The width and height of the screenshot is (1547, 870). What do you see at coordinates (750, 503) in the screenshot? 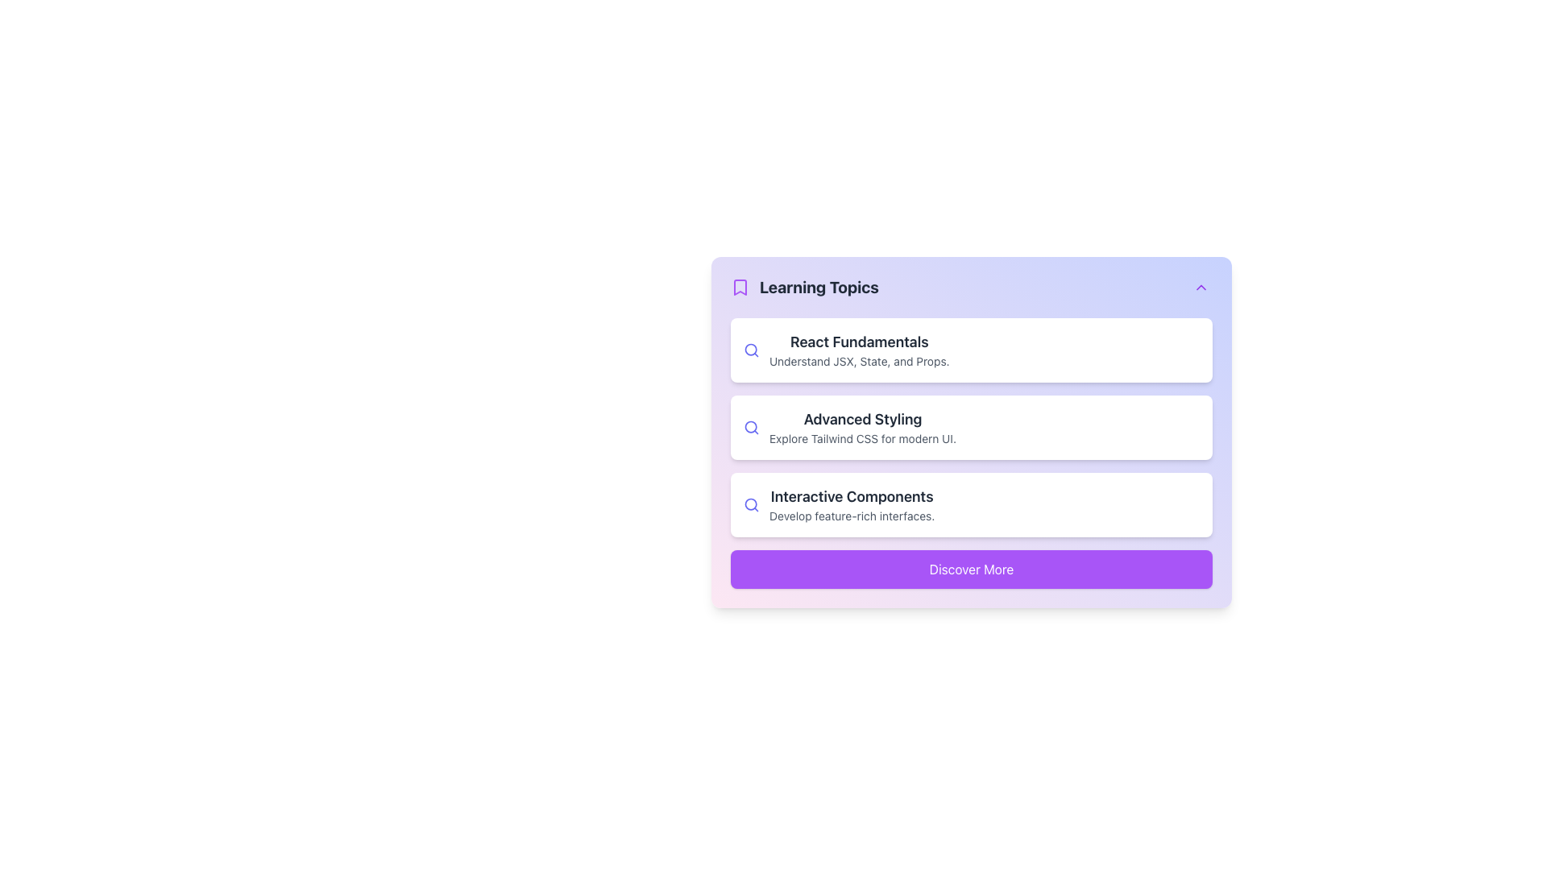
I see `the decorative SVG Circle element that represents the circular glass portion of the magnifying glass icon in the 'Learning Topics' card` at bounding box center [750, 503].